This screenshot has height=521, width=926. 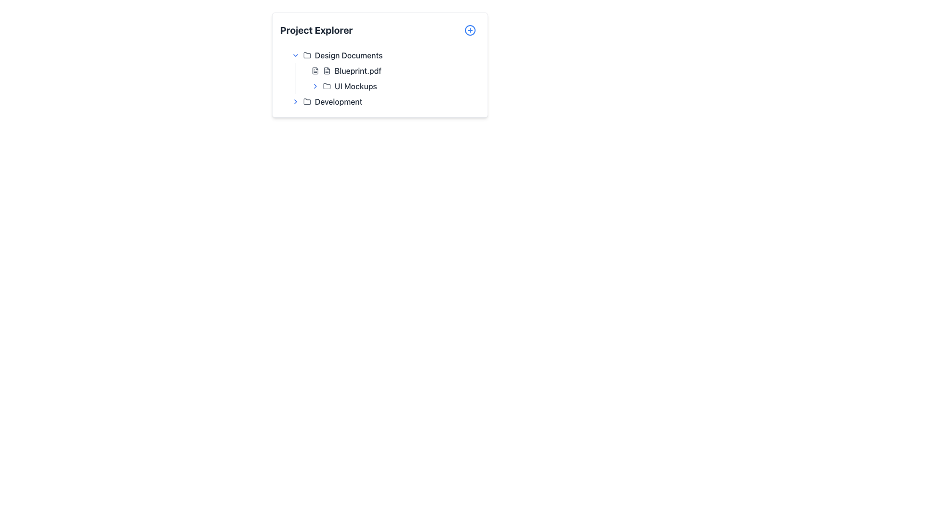 What do you see at coordinates (327, 85) in the screenshot?
I see `the 'UI Mockups' folder icon in the Project Explorer panel, which is the second folder icon in the hierarchy` at bounding box center [327, 85].